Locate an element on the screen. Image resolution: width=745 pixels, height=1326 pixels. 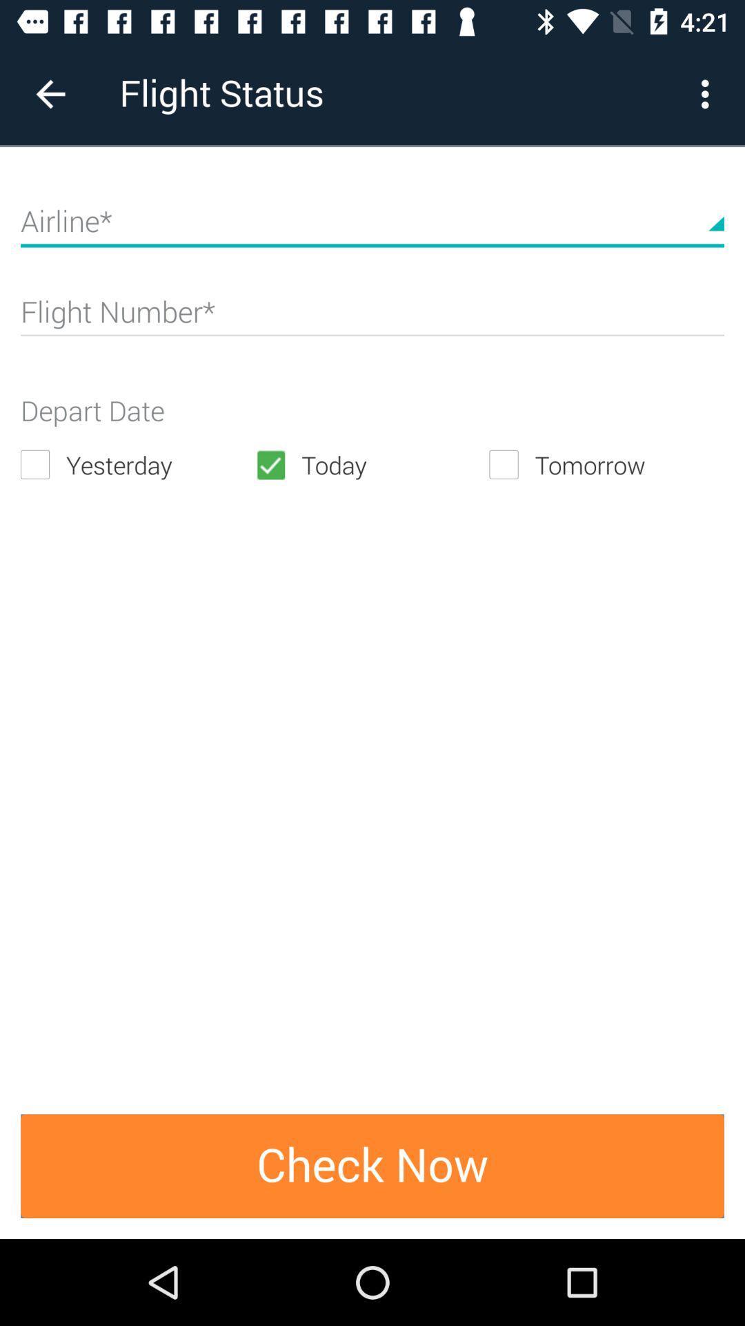
the icon to the right of today is located at coordinates (606, 465).